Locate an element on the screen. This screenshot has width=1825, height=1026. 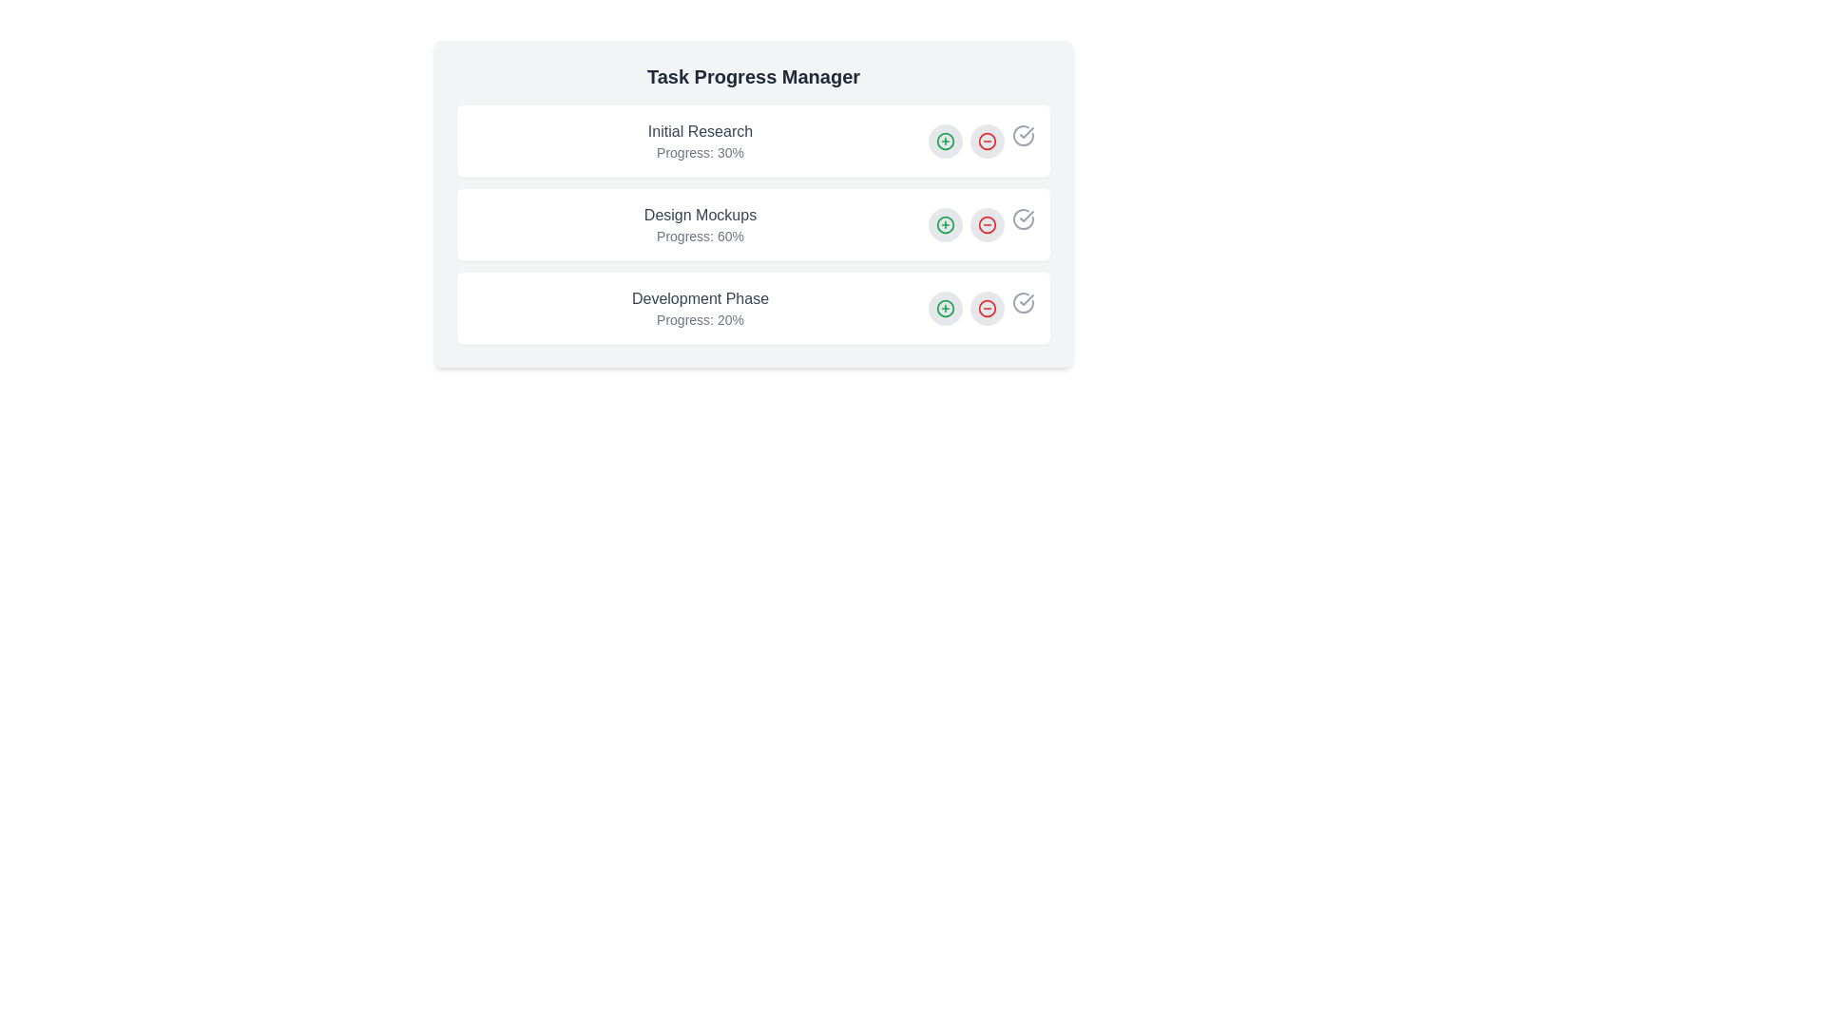
the inner circle of the '+' icon in the 'Design Mockups' task entry, which signifies an action such as adding or expanding is located at coordinates (945, 141).